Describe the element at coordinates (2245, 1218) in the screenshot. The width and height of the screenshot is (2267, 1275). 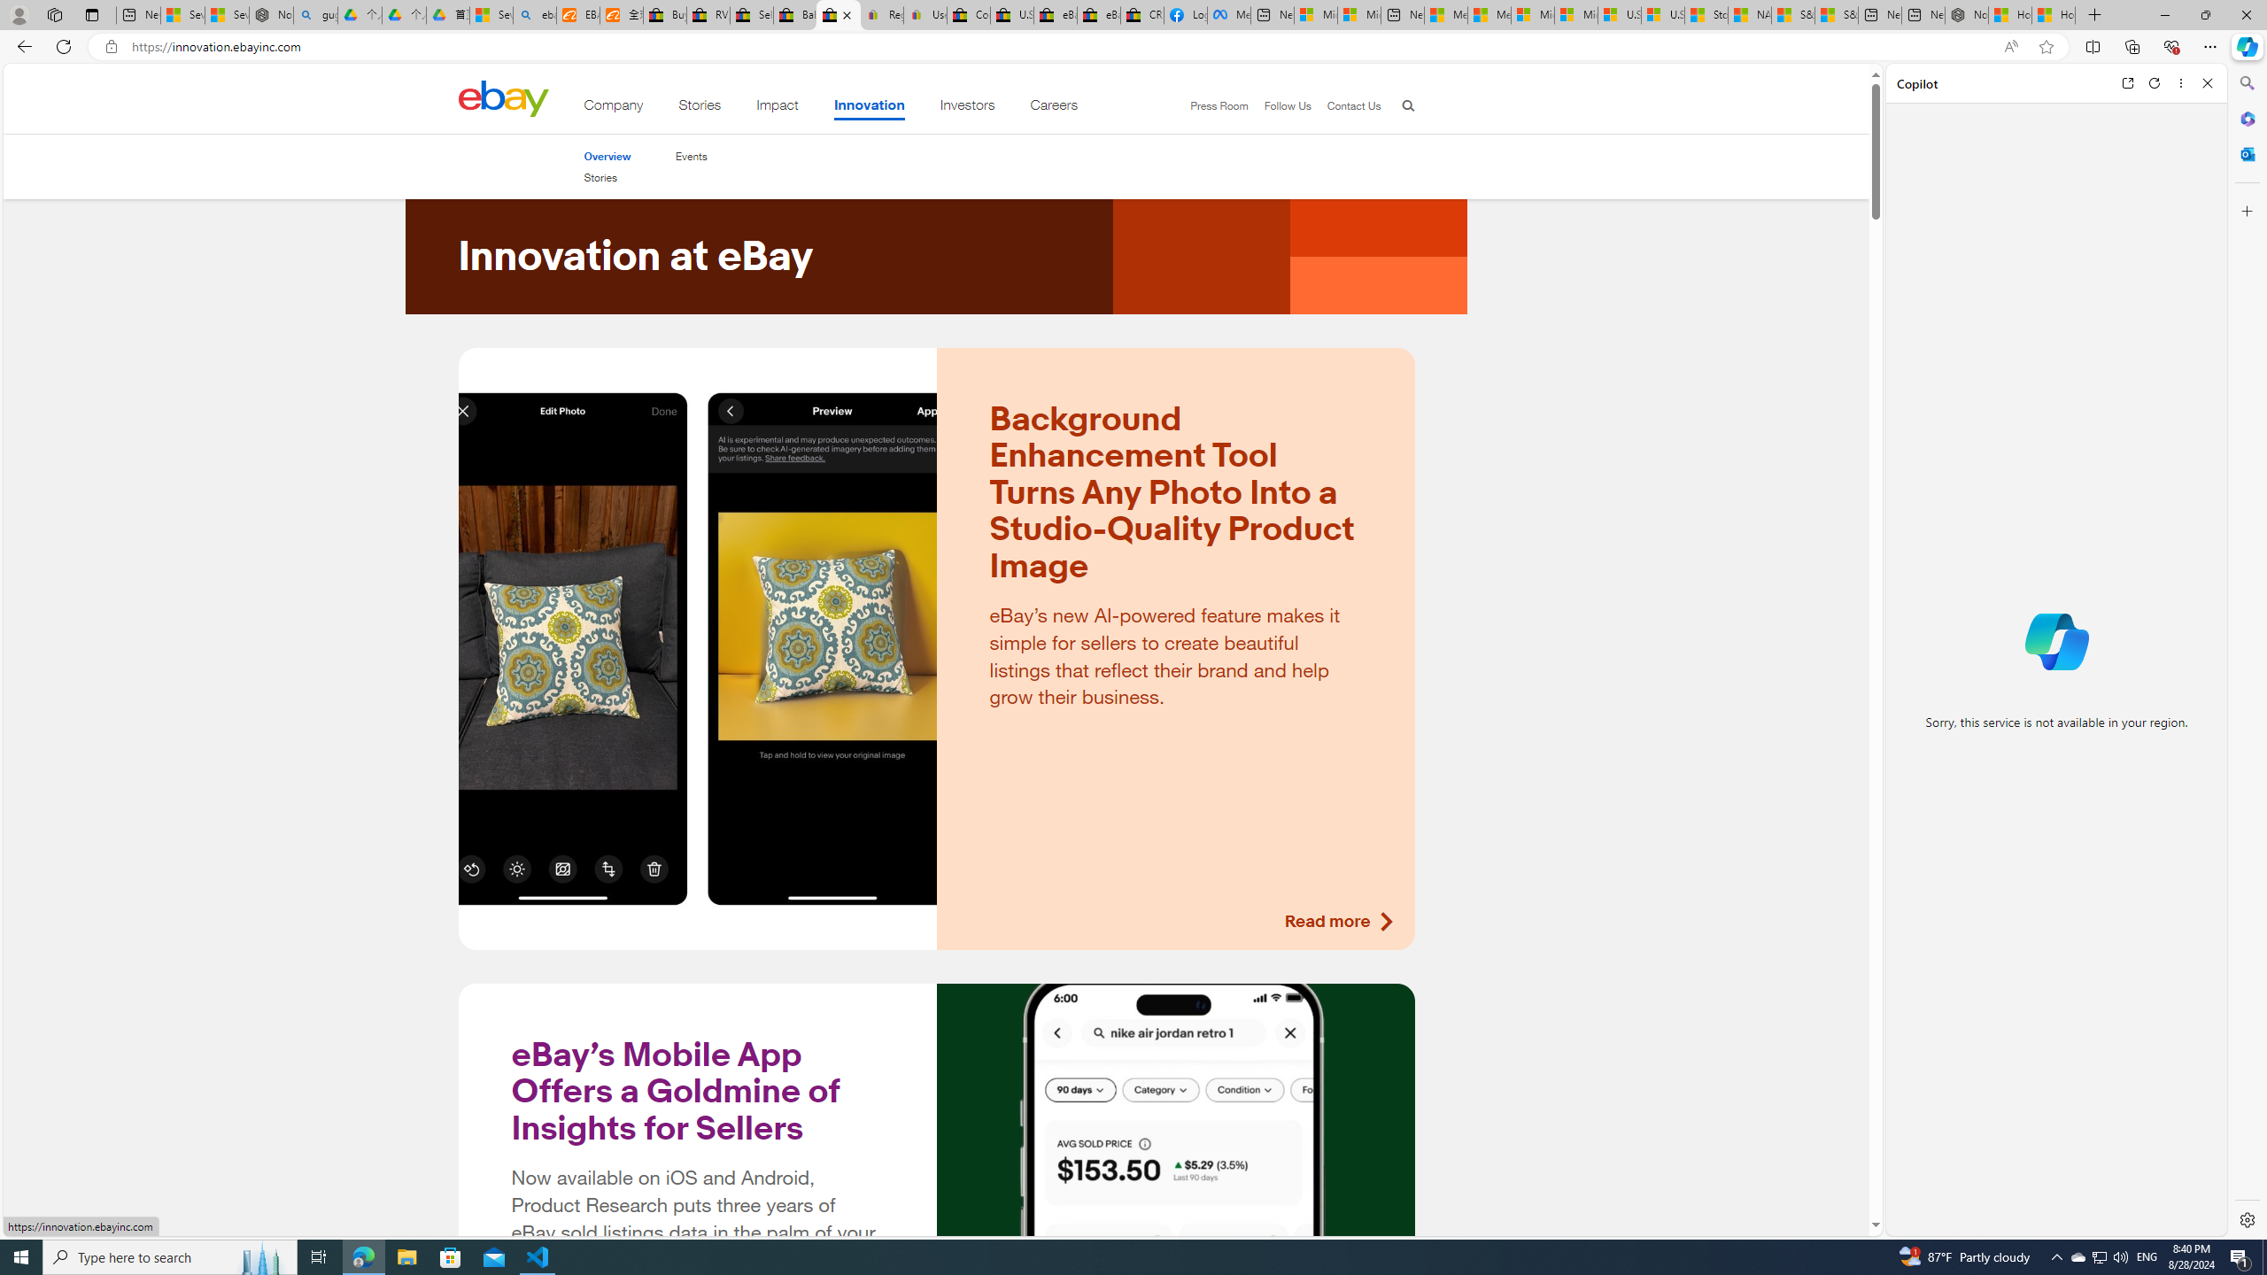
I see `'Settings'` at that location.